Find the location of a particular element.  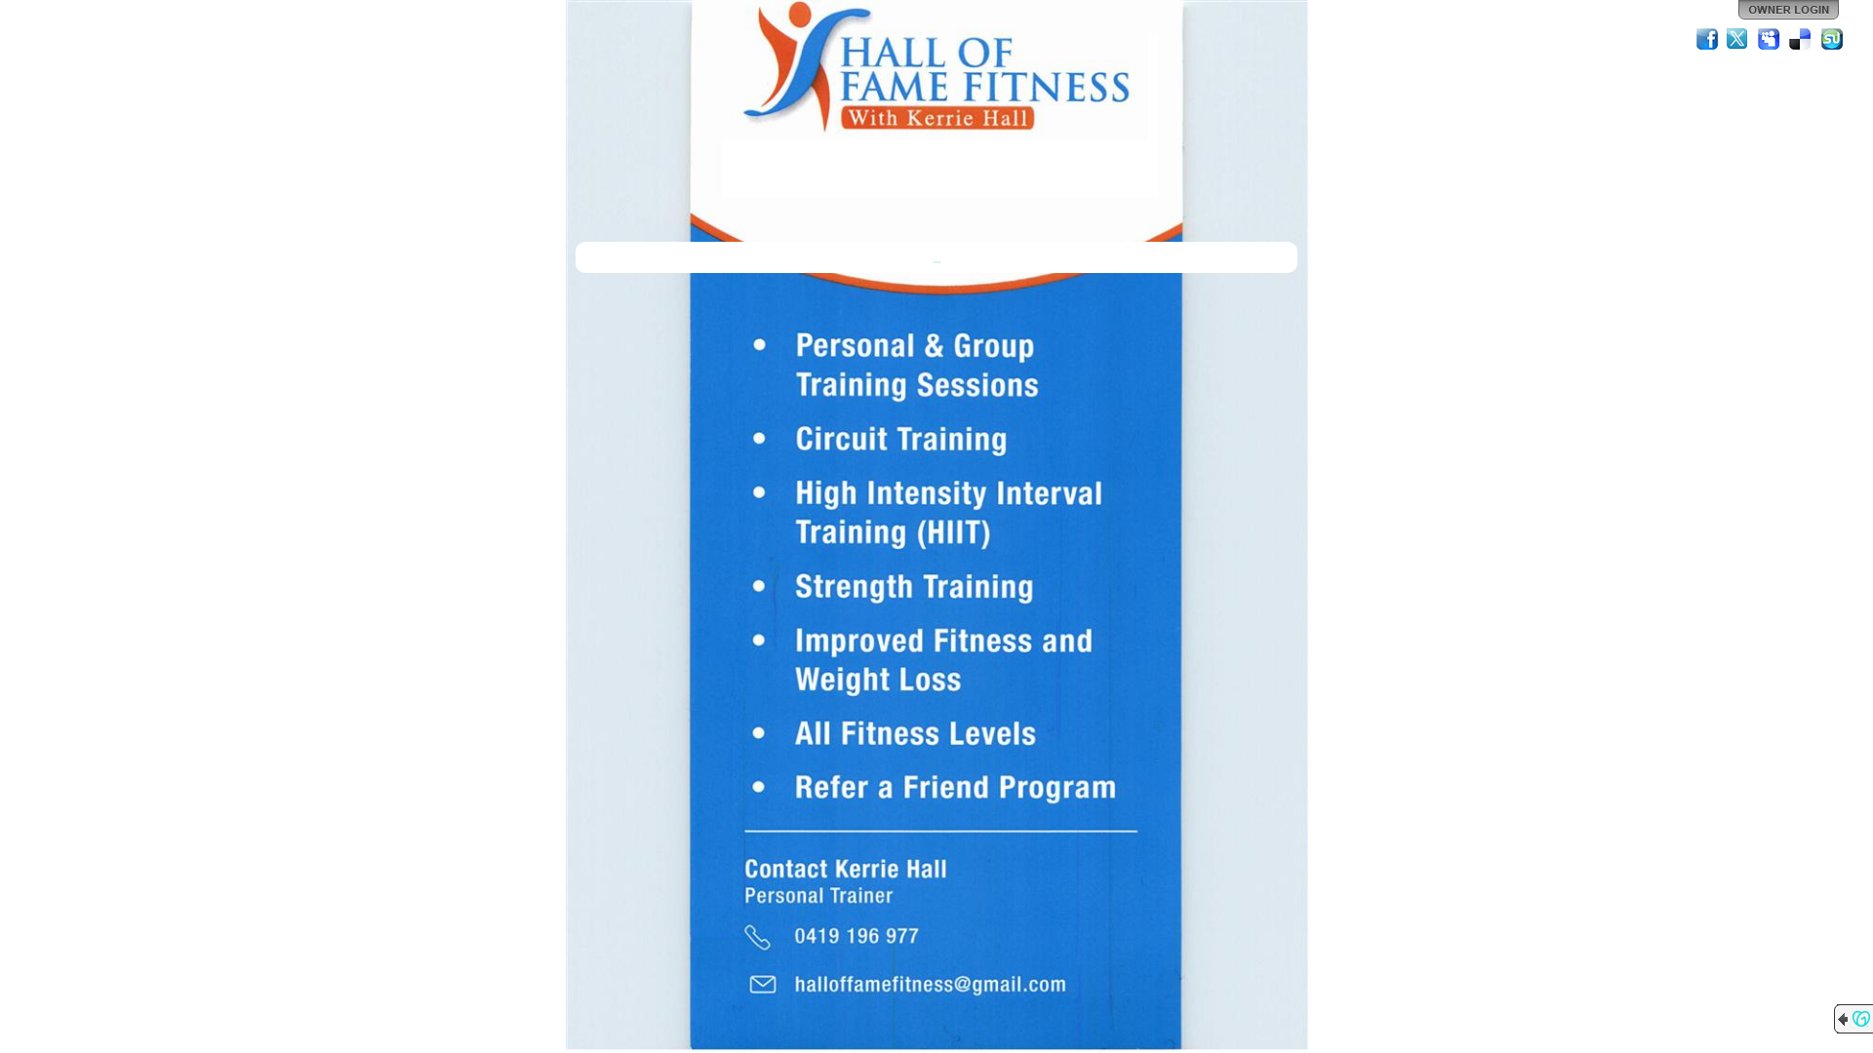

'MySpace' is located at coordinates (1756, 38).